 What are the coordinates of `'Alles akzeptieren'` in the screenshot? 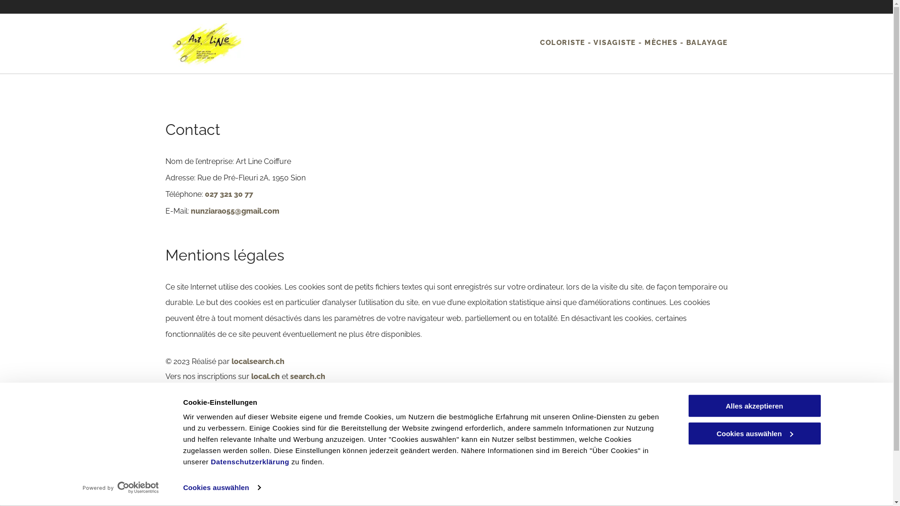 It's located at (754, 405).